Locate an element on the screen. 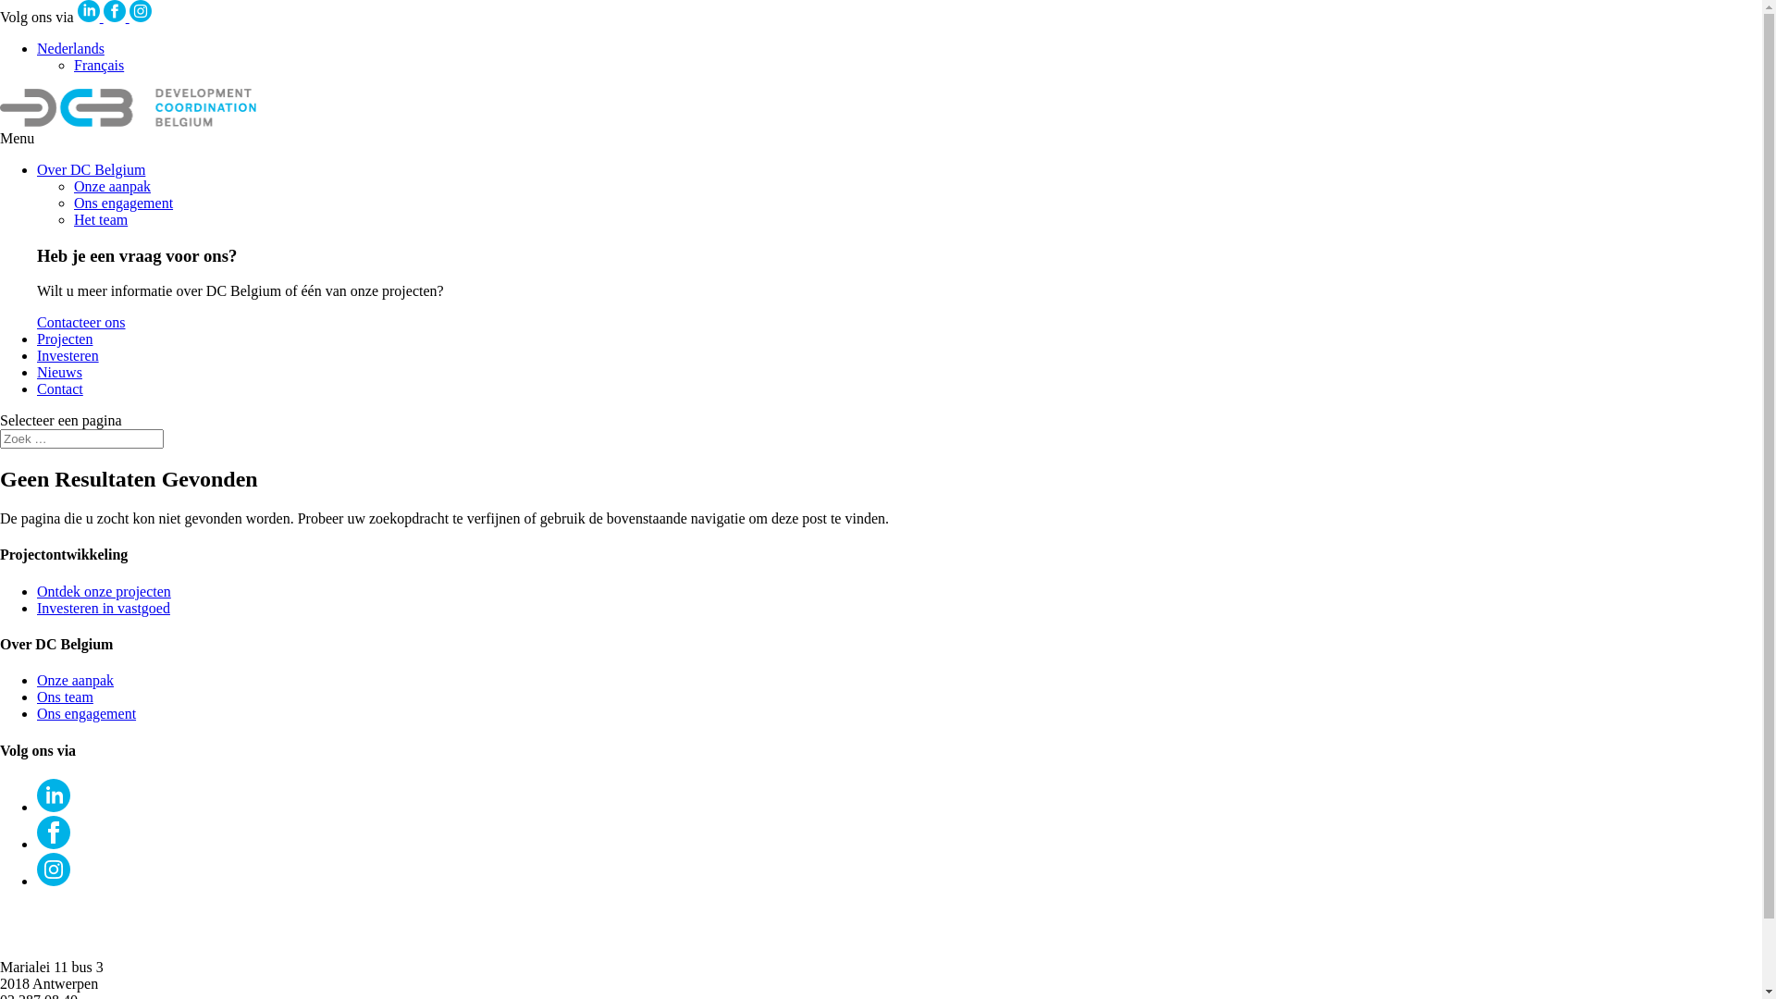 This screenshot has height=999, width=1776. 'Nederlands' is located at coordinates (70, 47).